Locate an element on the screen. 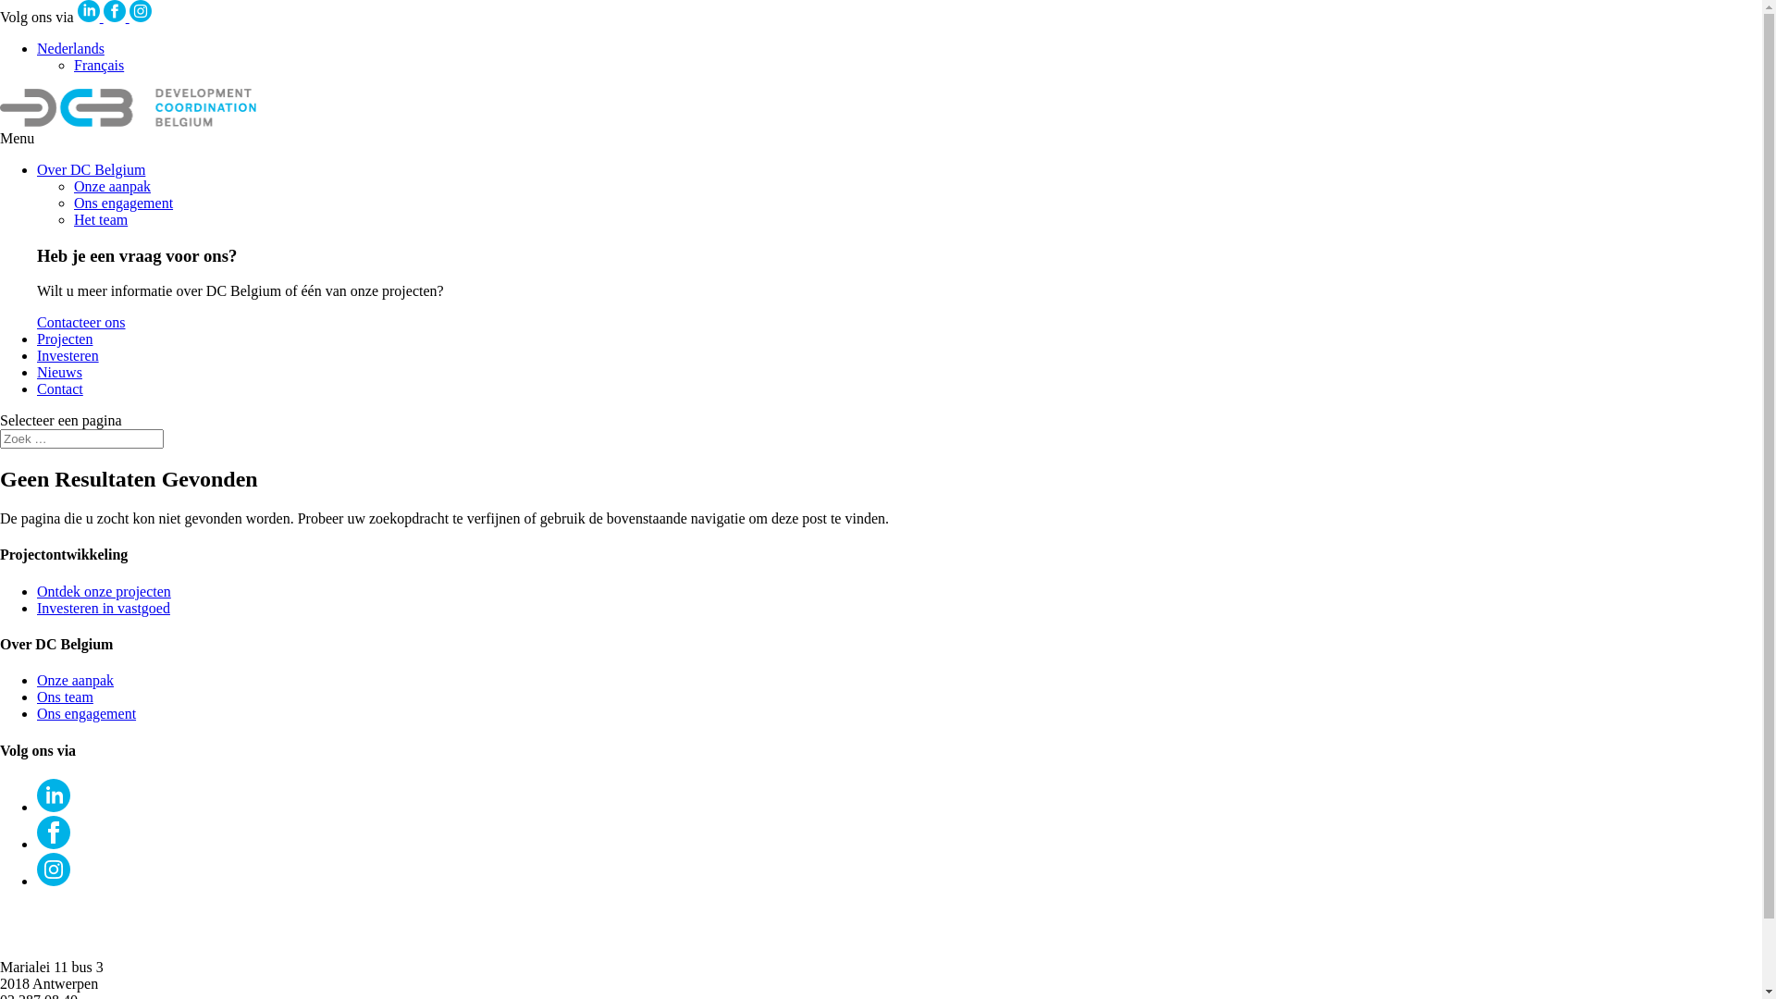 This screenshot has height=999, width=1776. 'Nederlands' is located at coordinates (70, 47).